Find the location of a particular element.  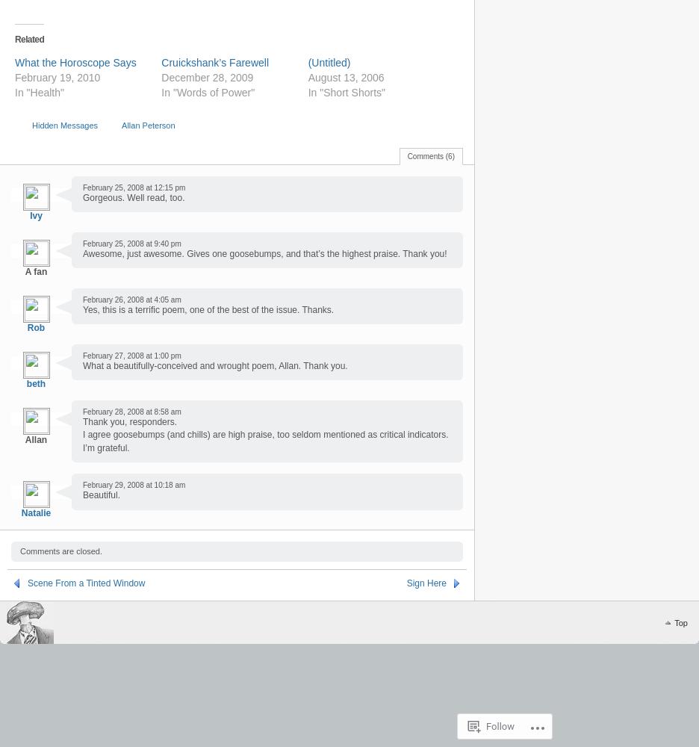

'February 27, 2008 at 1:00 pm' is located at coordinates (131, 354).